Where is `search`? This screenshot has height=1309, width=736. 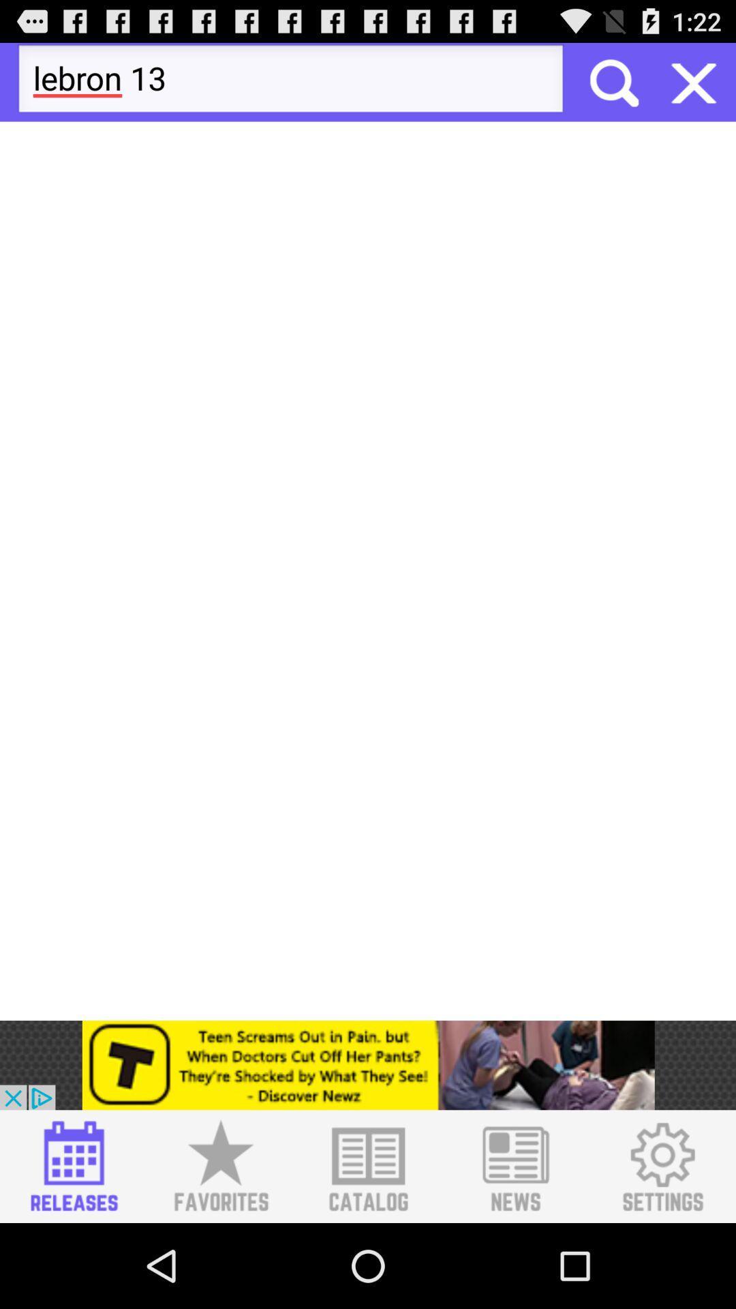
search is located at coordinates (694, 81).